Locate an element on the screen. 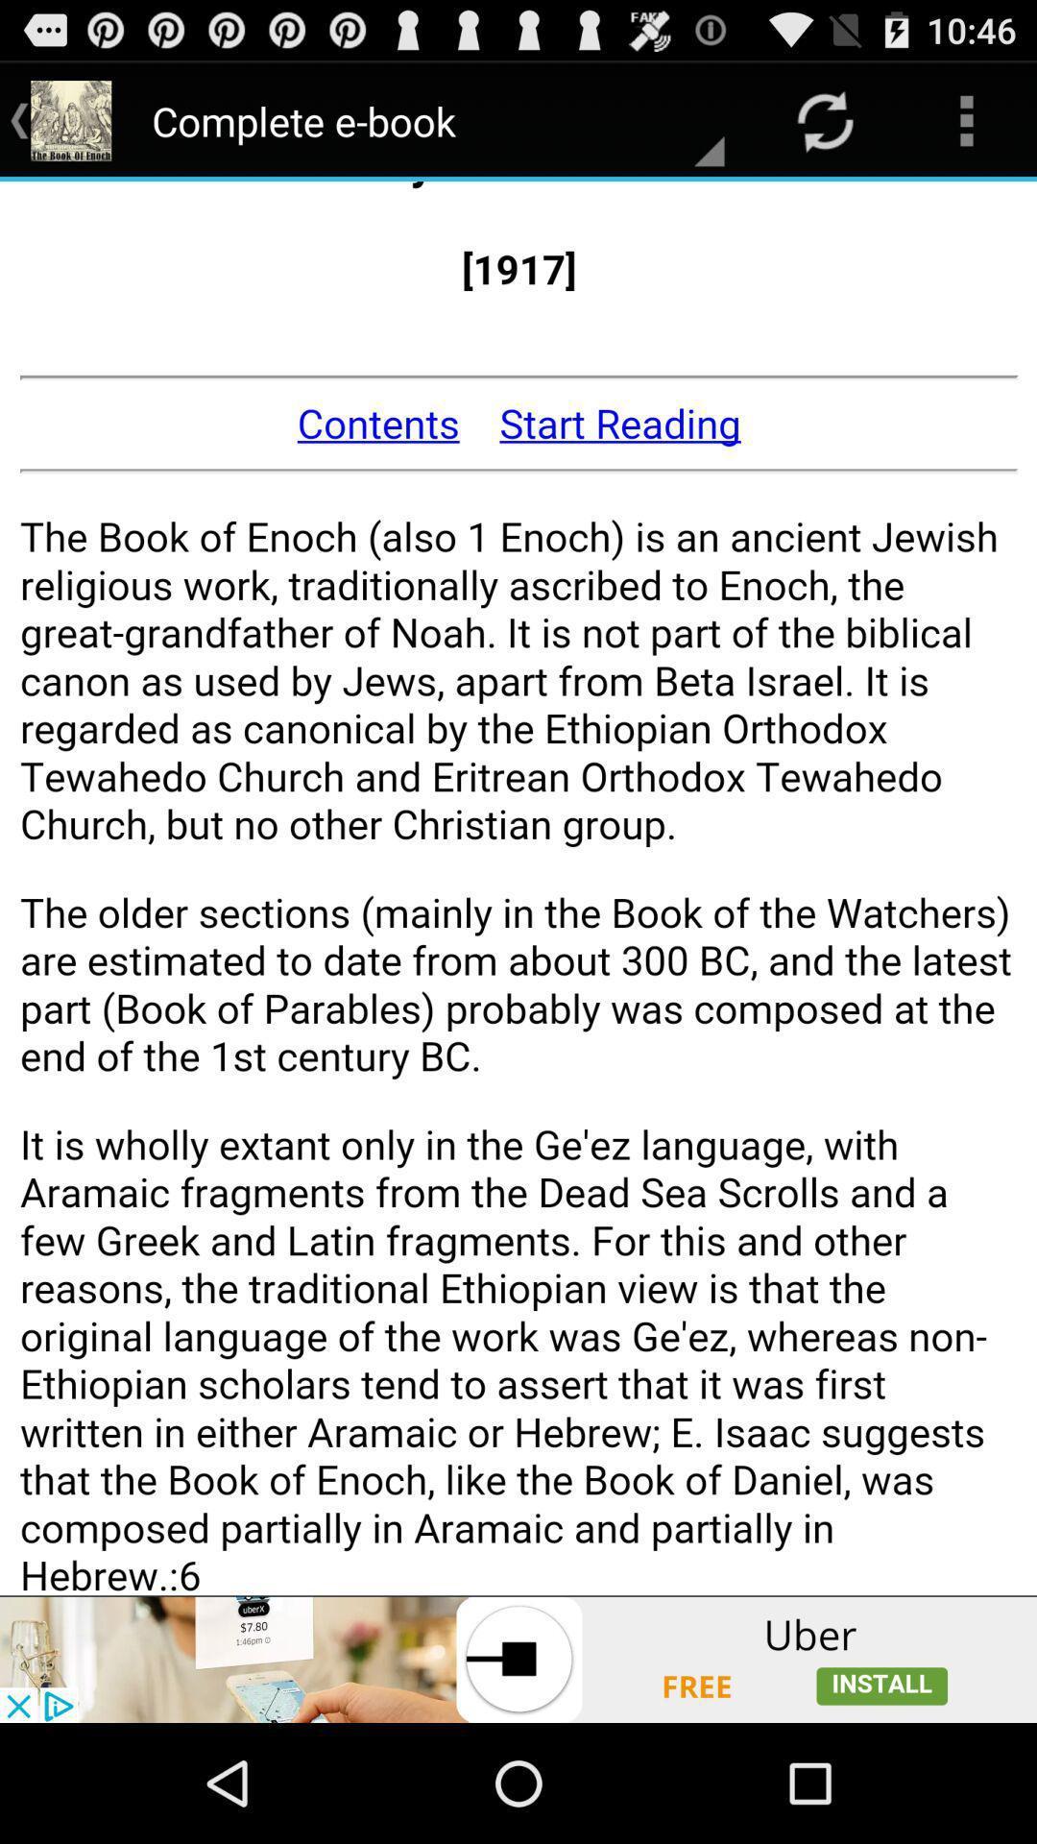 The image size is (1037, 1844). open uber advertisement is located at coordinates (518, 1659).